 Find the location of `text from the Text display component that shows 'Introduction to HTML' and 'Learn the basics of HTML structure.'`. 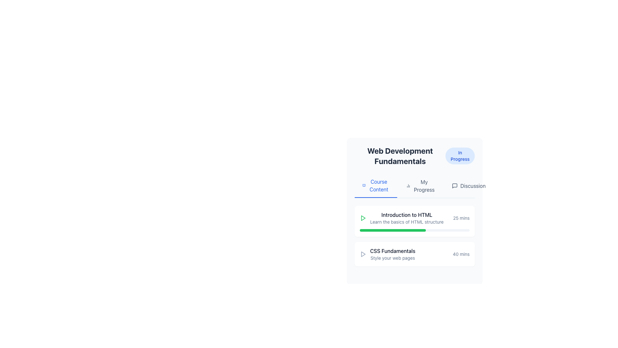

text from the Text display component that shows 'Introduction to HTML' and 'Learn the basics of HTML structure.' is located at coordinates (407, 218).